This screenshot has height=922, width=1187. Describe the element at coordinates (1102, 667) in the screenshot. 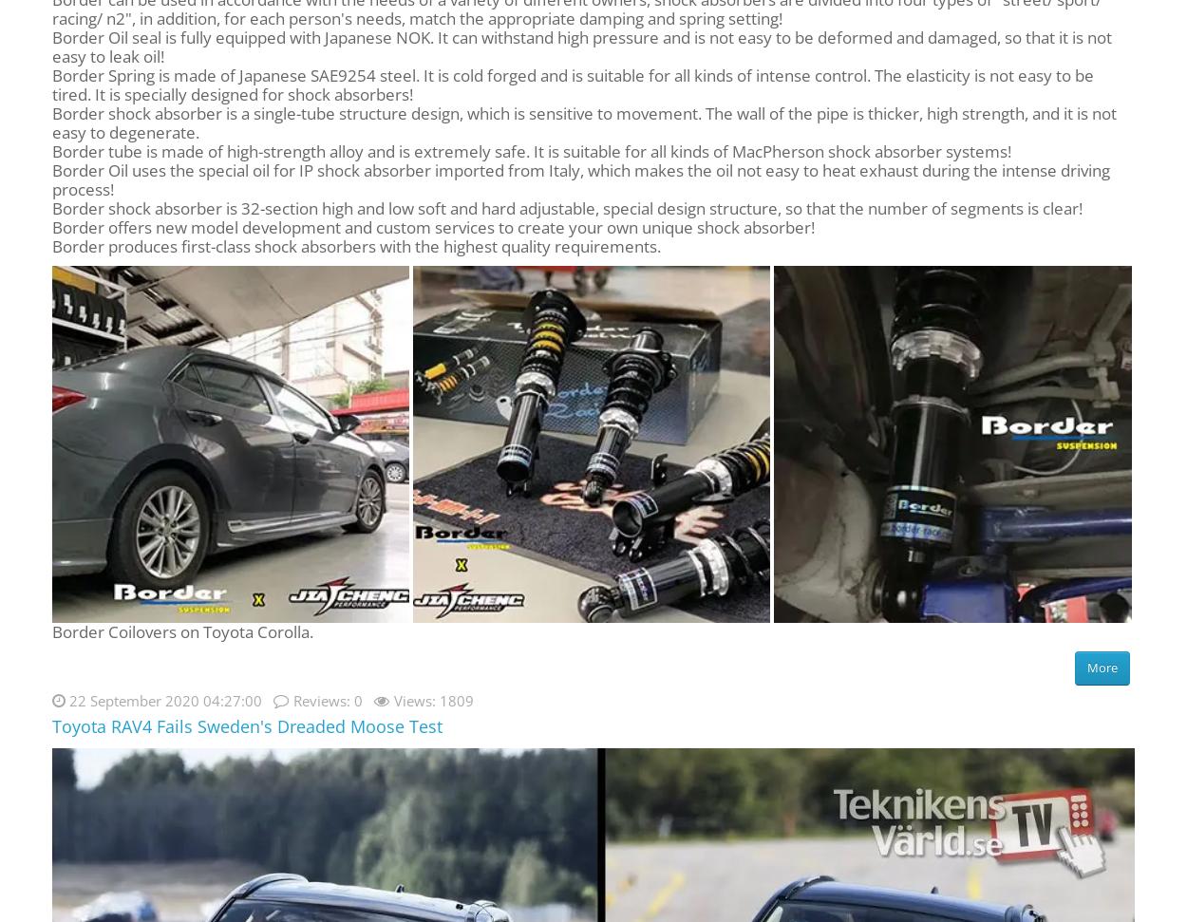

I see `'More'` at that location.